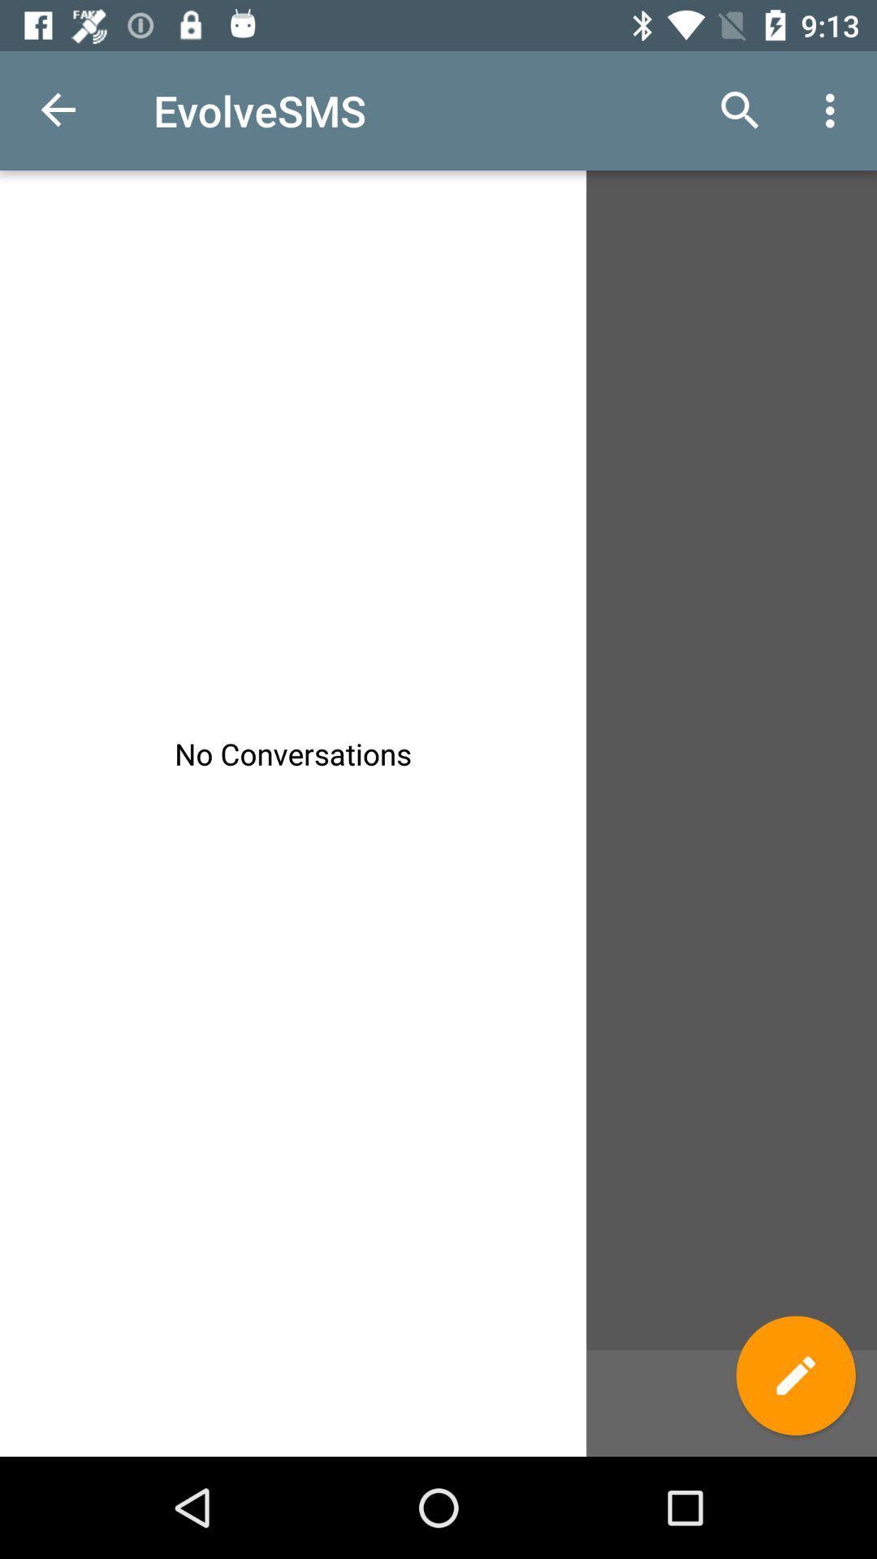  What do you see at coordinates (795, 1375) in the screenshot?
I see `the edit icon` at bounding box center [795, 1375].